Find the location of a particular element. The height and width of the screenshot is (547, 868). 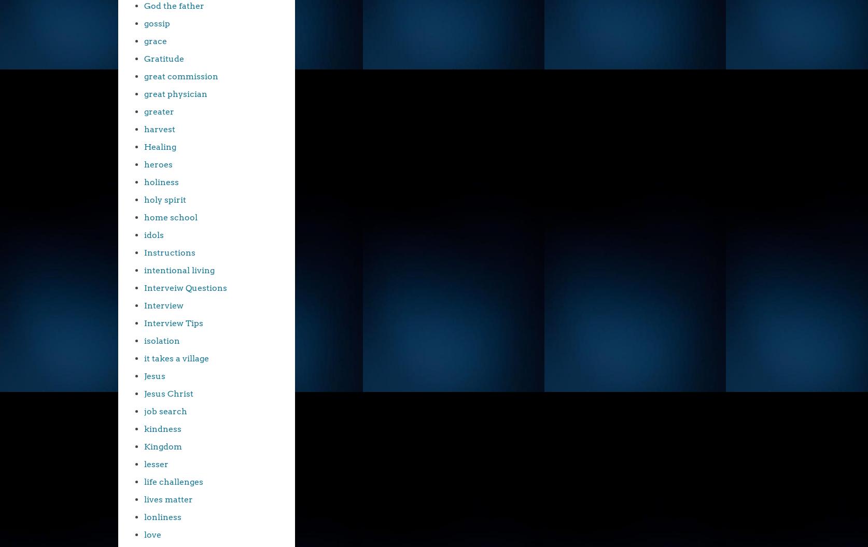

'great commission' is located at coordinates (181, 76).